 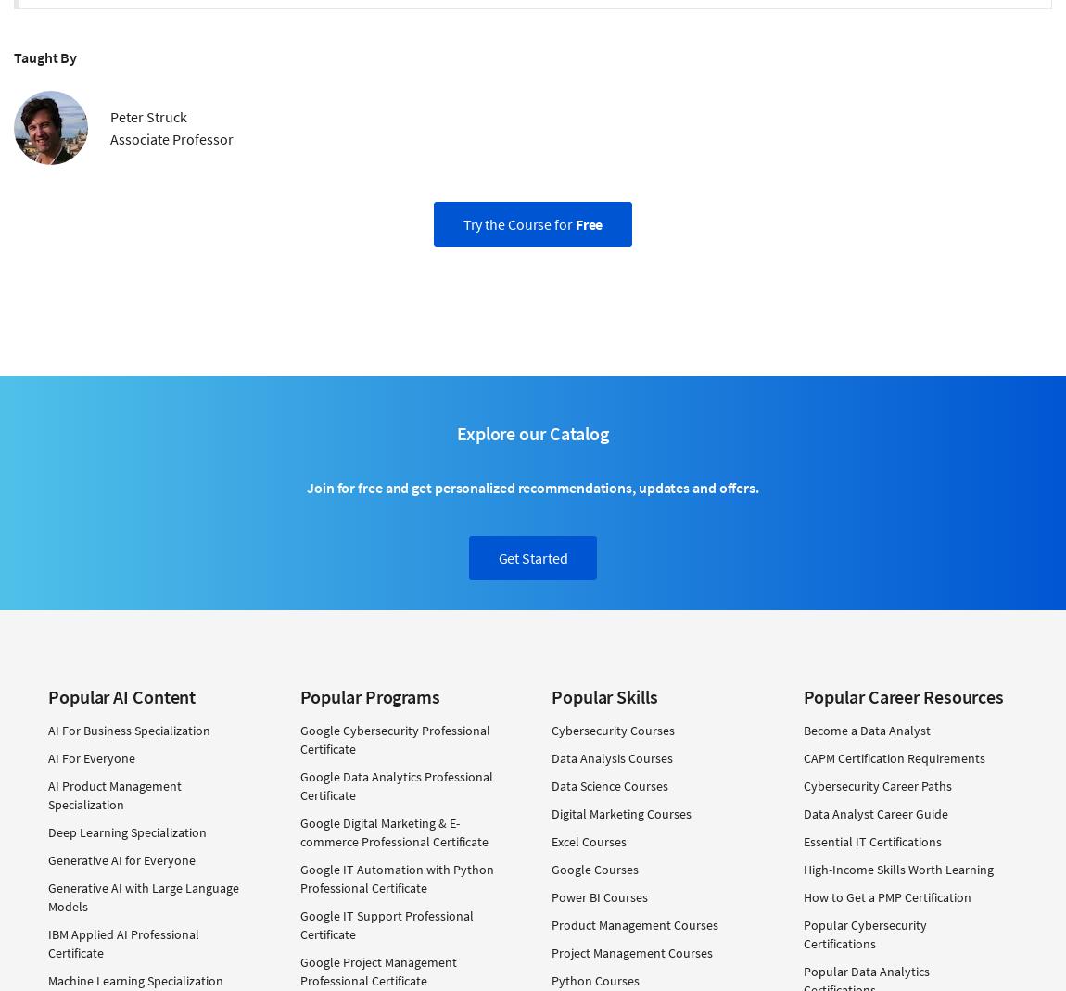 What do you see at coordinates (109, 115) in the screenshot?
I see `'Peter Struck'` at bounding box center [109, 115].